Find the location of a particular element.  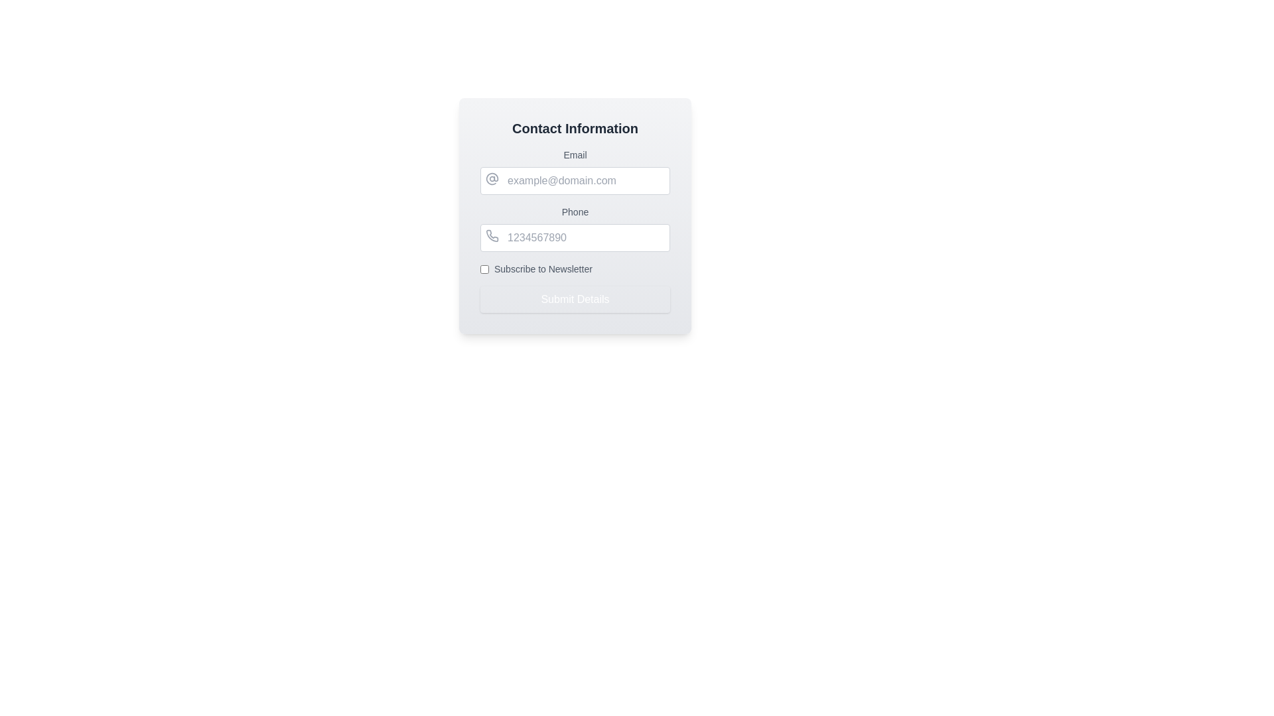

the 'Phone' text input field to focus the input box is located at coordinates (575, 227).